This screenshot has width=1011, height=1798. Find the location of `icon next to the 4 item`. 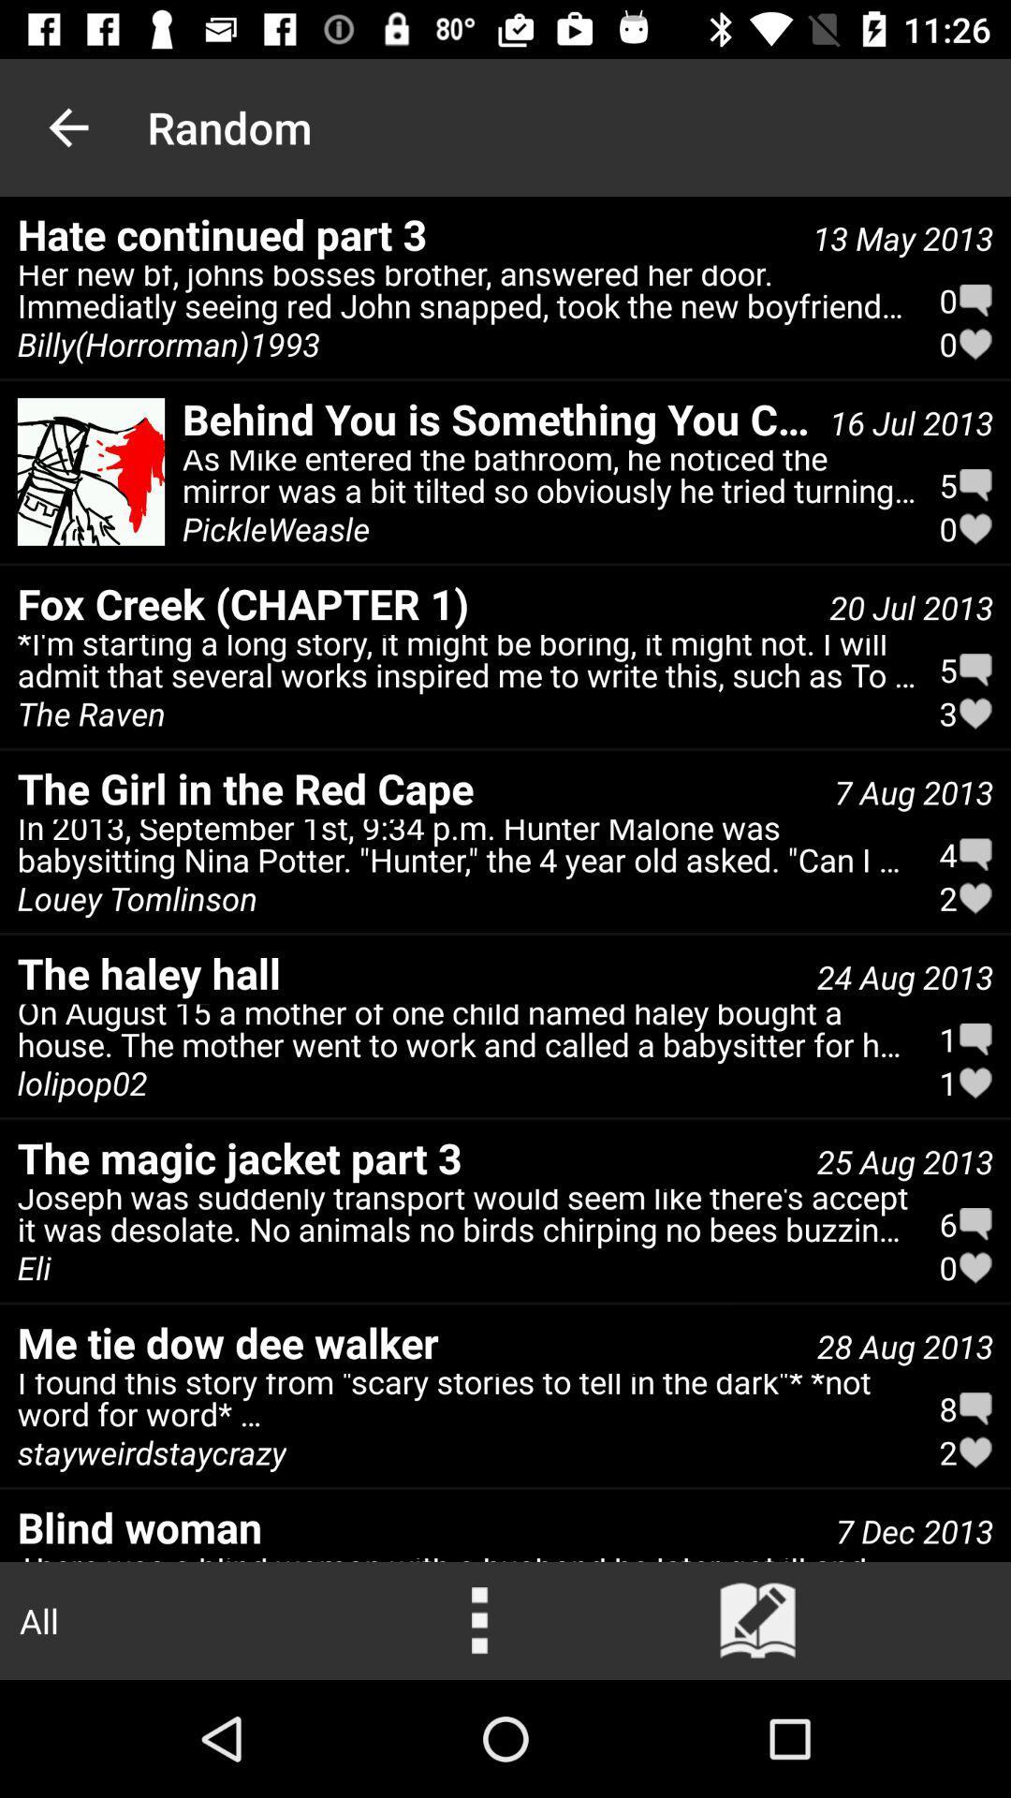

icon next to the 4 item is located at coordinates (136, 897).